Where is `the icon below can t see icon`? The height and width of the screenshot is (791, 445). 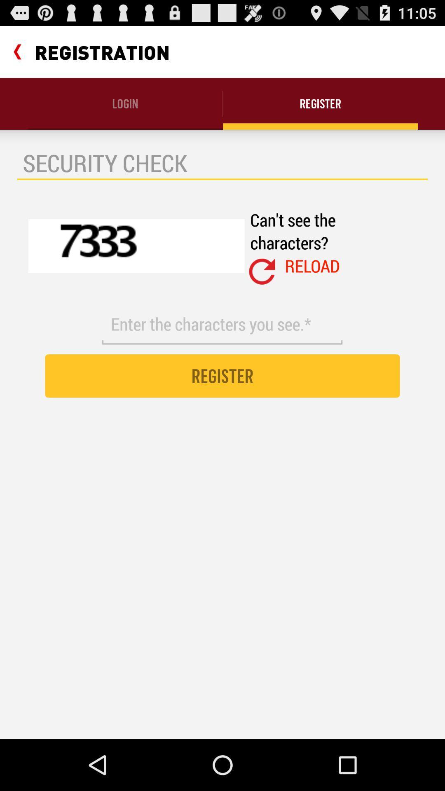 the icon below can t see icon is located at coordinates (262, 271).